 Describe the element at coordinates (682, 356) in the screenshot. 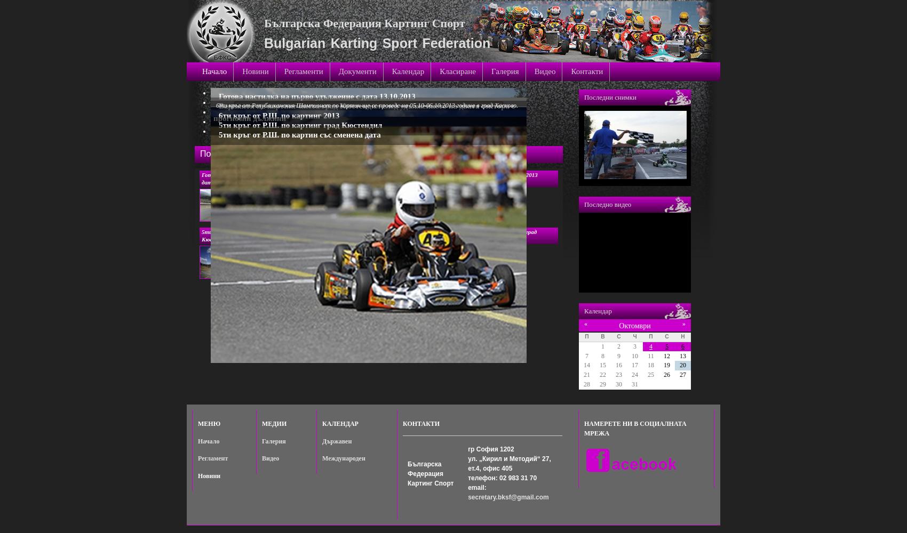

I see `'13'` at that location.